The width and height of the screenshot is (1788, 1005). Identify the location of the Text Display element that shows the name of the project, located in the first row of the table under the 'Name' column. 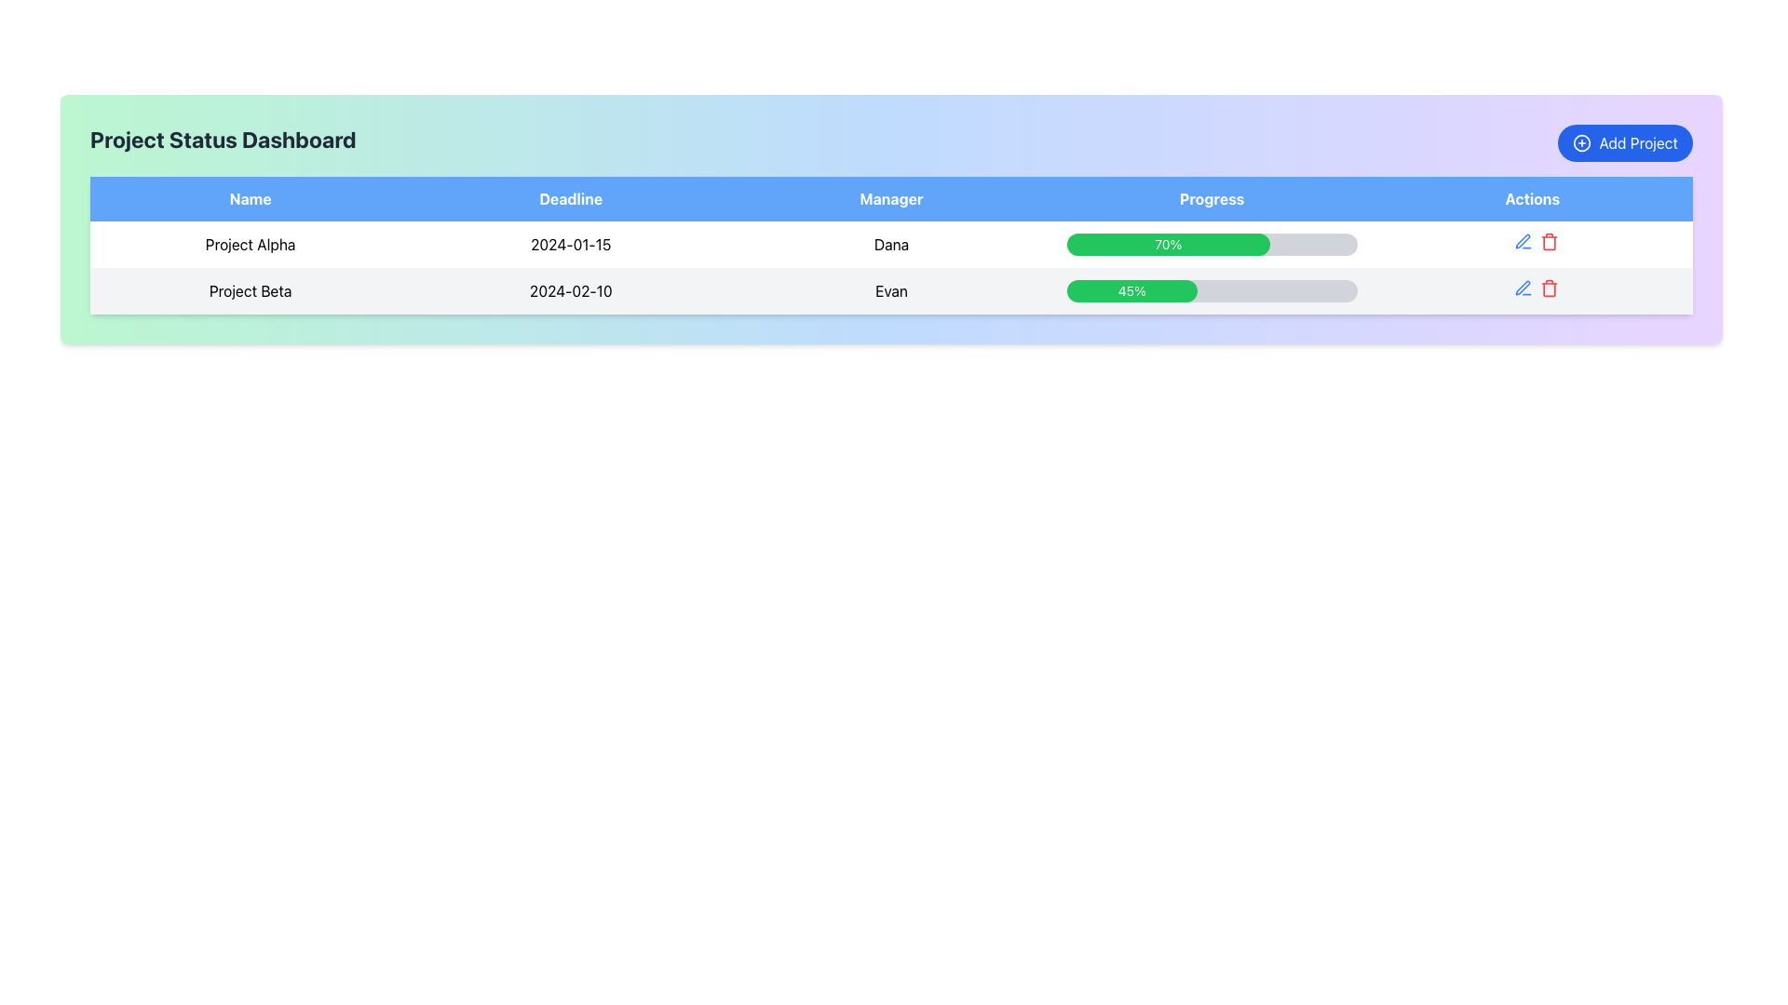
(250, 243).